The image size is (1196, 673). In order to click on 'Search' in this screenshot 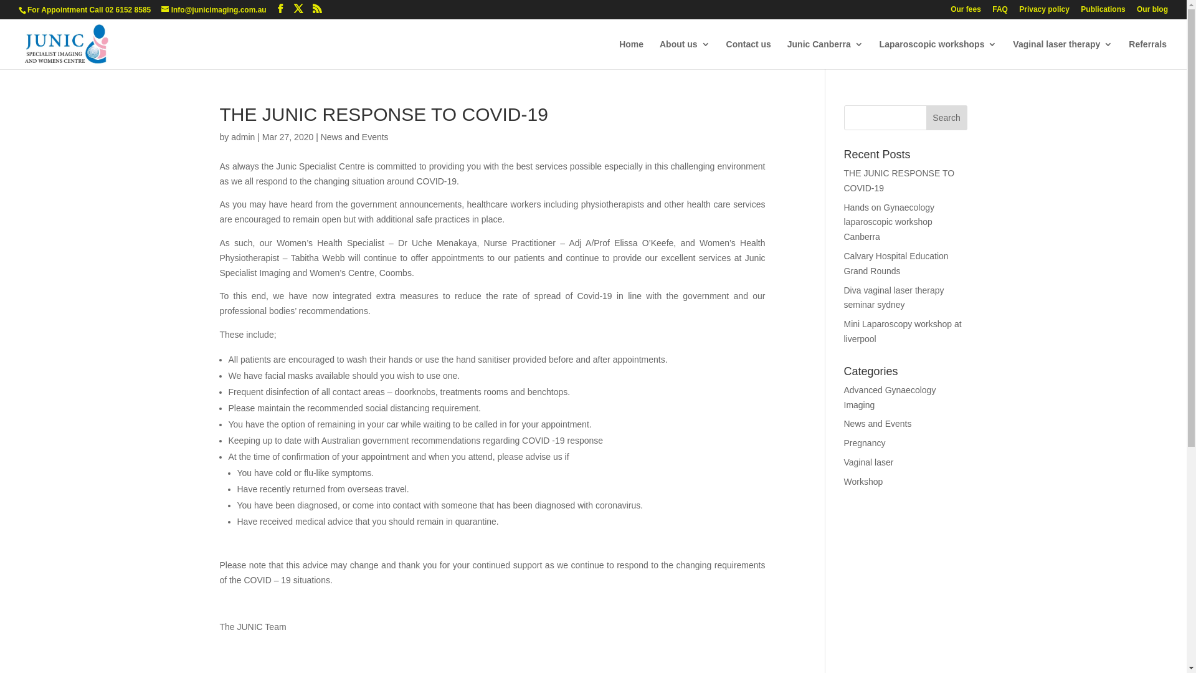, I will do `click(947, 118)`.